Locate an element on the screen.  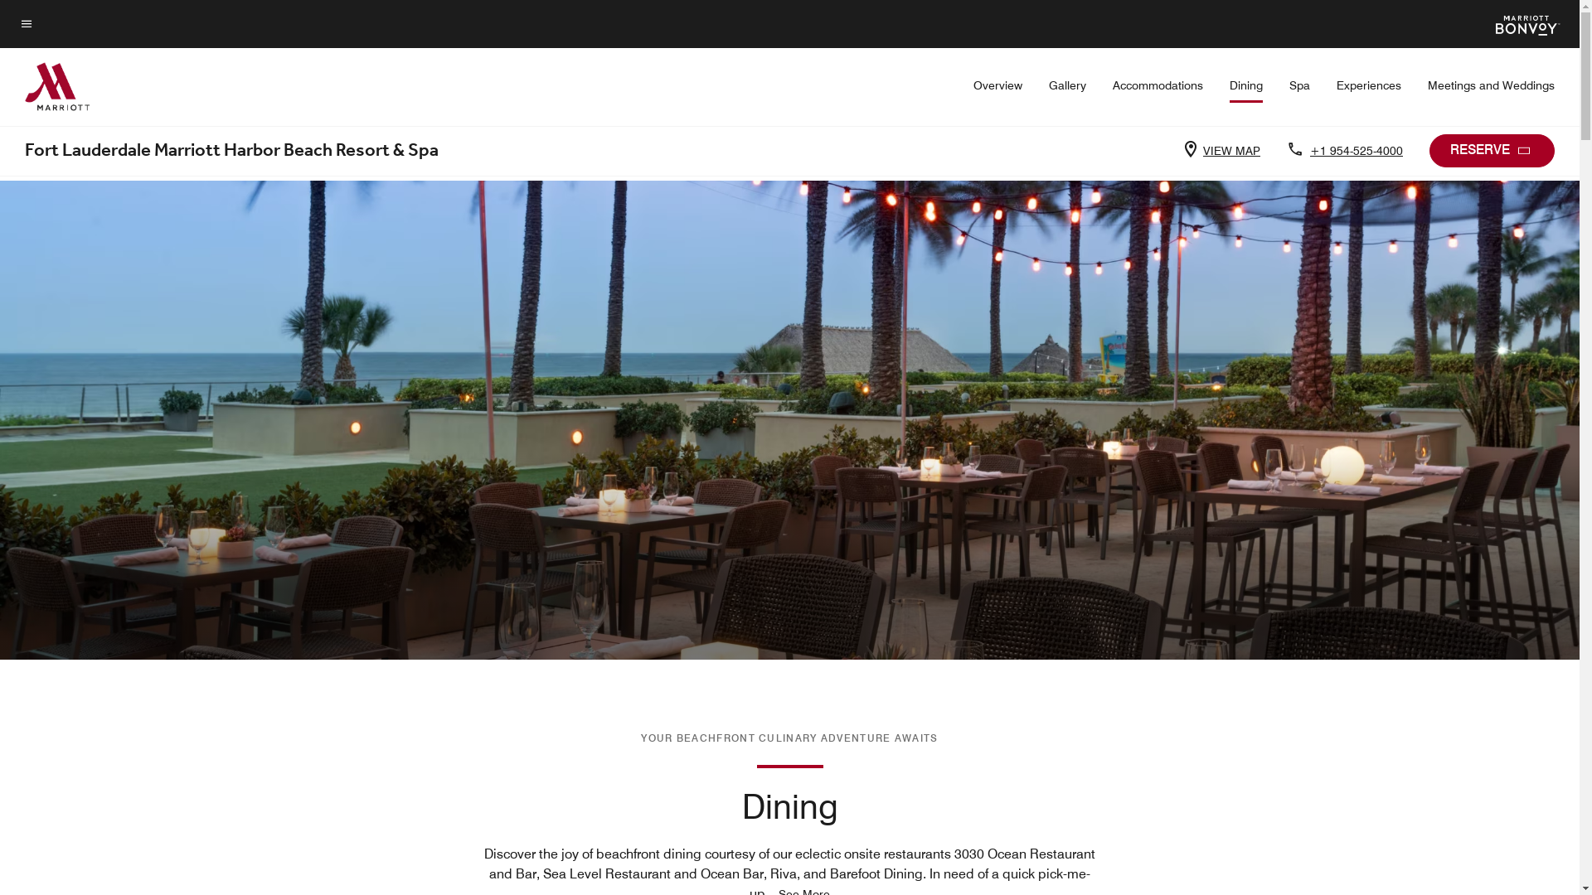
'Overview' is located at coordinates (997, 85).